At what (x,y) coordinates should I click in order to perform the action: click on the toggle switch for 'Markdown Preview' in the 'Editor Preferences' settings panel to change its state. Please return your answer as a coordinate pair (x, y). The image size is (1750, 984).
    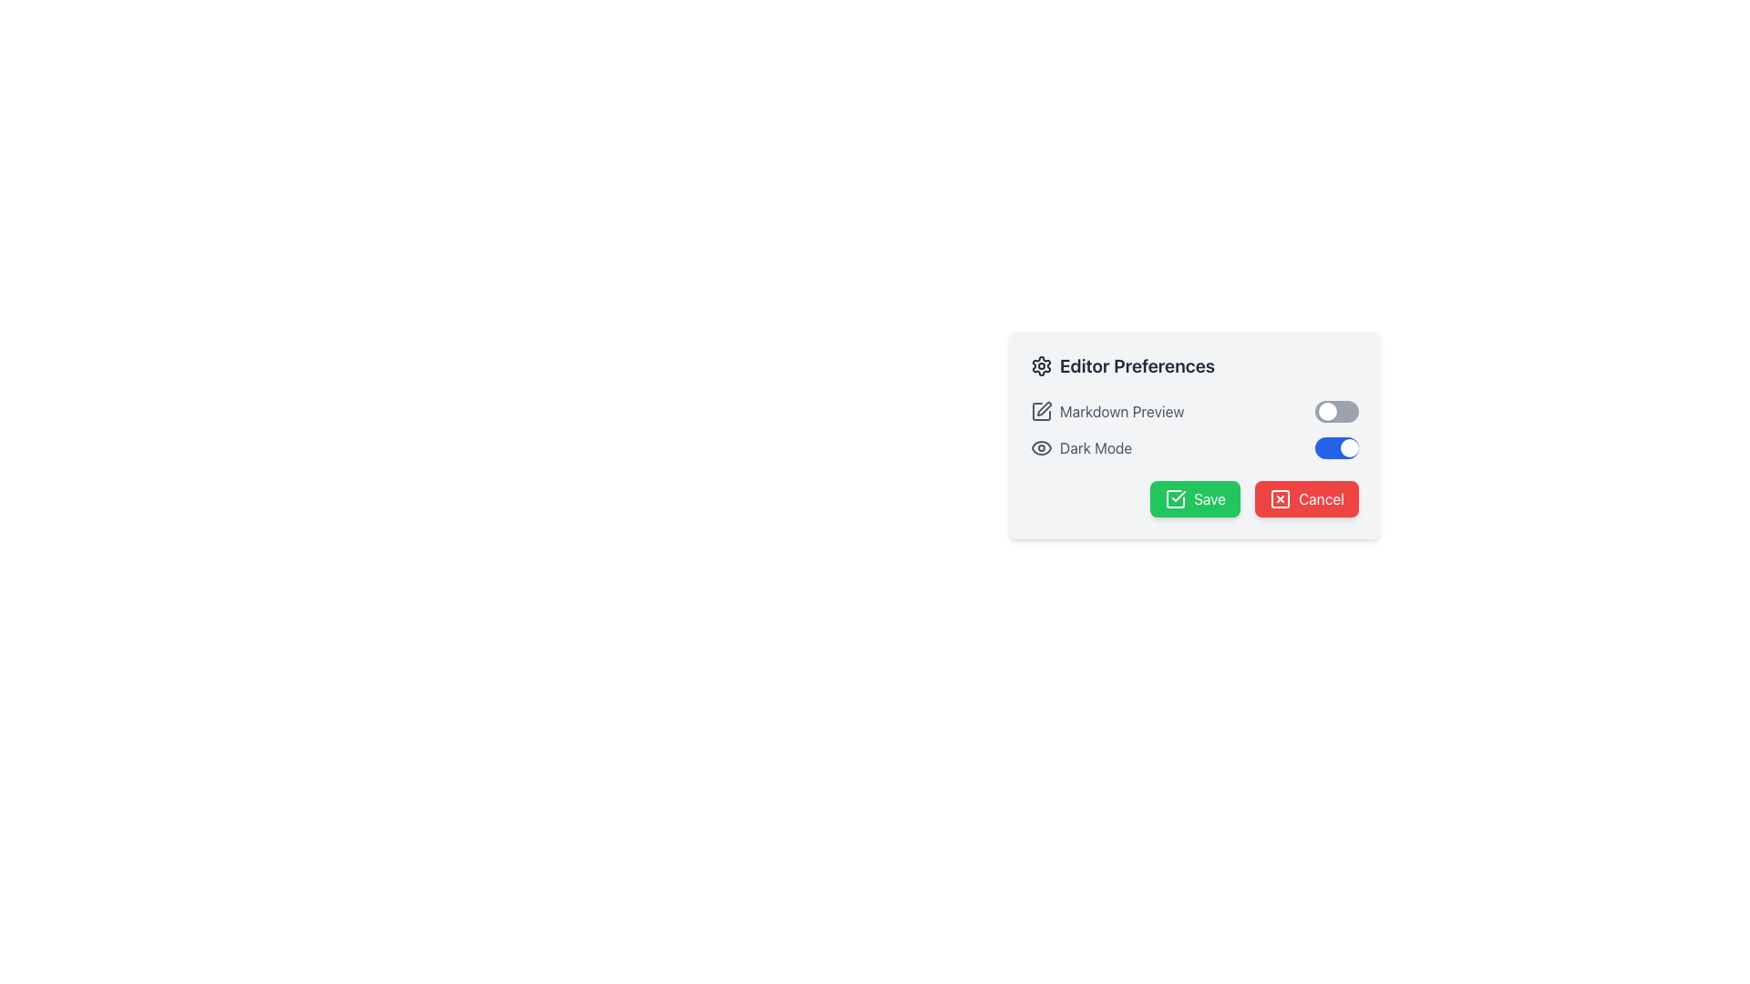
    Looking at the image, I should click on (1337, 411).